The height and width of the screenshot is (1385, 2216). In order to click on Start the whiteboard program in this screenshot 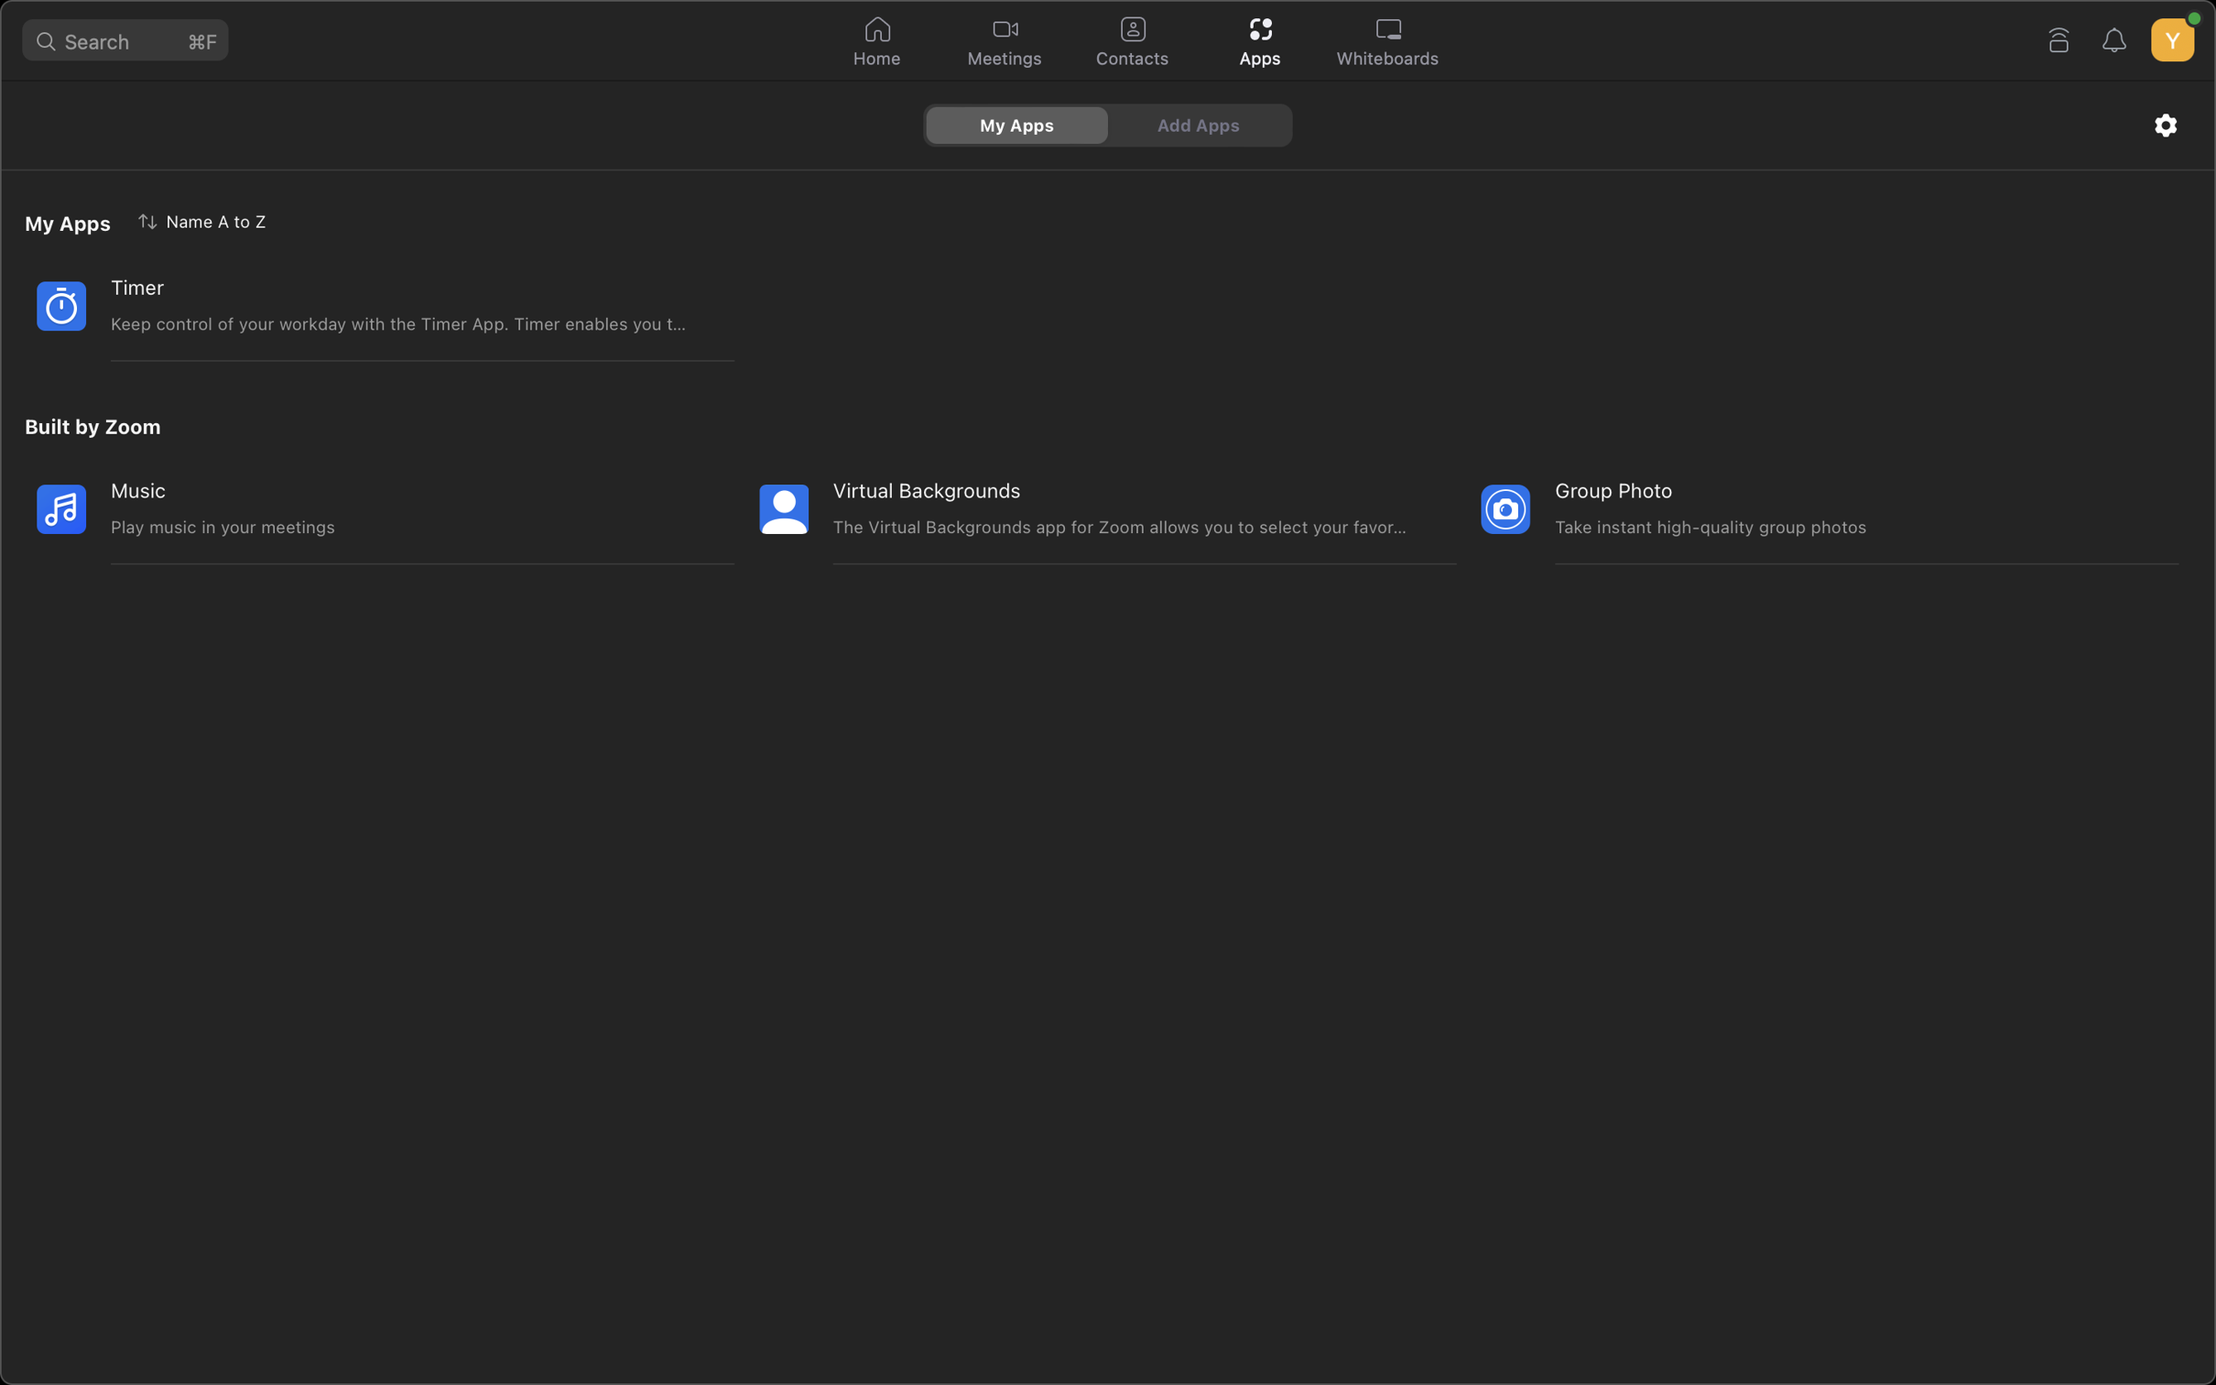, I will do `click(1388, 42)`.